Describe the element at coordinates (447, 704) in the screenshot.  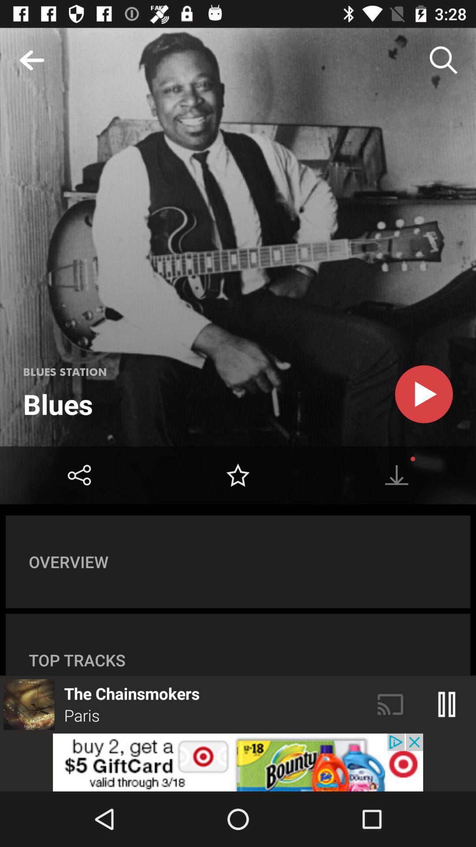
I see `the pause icon` at that location.